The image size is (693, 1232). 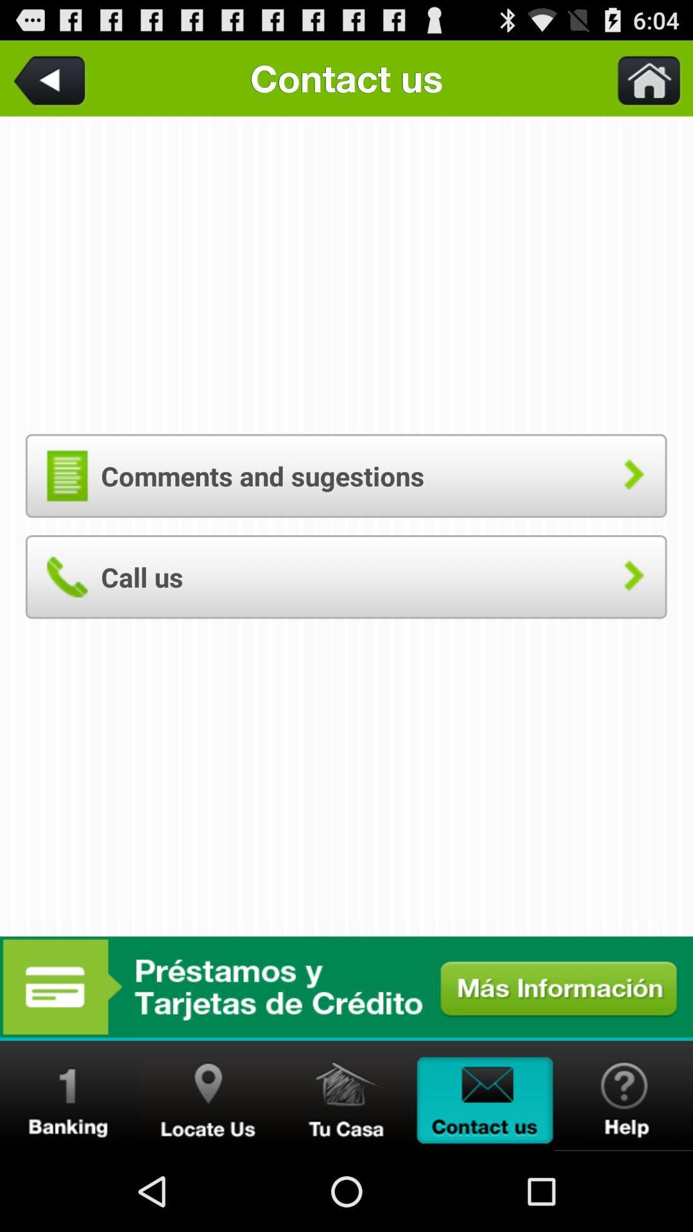 What do you see at coordinates (641, 83) in the screenshot?
I see `the home icon` at bounding box center [641, 83].